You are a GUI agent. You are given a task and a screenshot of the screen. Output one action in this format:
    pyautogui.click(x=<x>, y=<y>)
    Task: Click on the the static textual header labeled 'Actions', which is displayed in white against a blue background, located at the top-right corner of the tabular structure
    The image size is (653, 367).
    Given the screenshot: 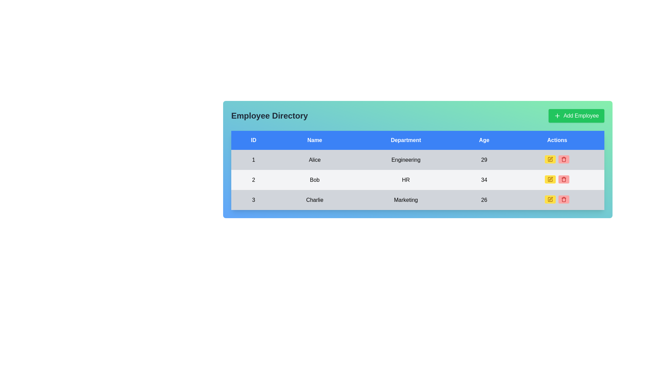 What is the action you would take?
    pyautogui.click(x=557, y=140)
    